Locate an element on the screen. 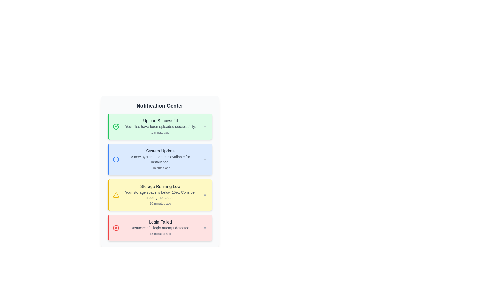  the static text label that displays the elapsed time since the notification event in the 'System Update' card, positioned at the bottom right of the card is located at coordinates (160, 168).